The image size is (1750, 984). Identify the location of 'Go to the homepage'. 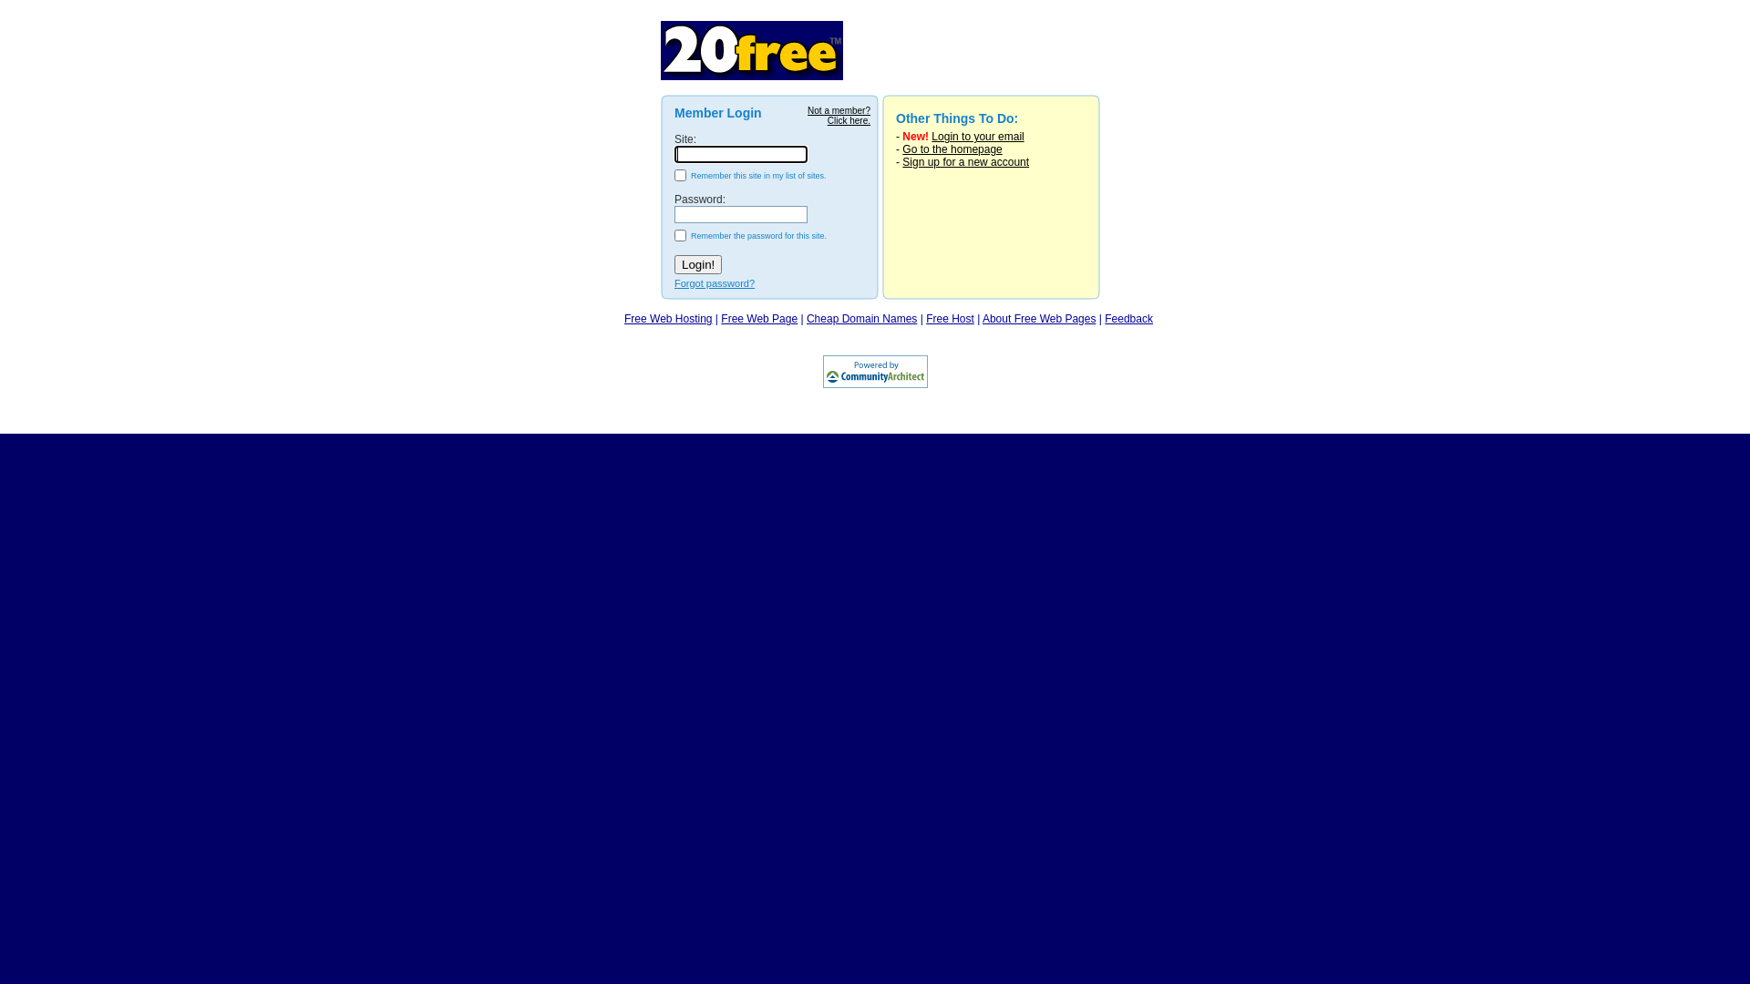
(901, 149).